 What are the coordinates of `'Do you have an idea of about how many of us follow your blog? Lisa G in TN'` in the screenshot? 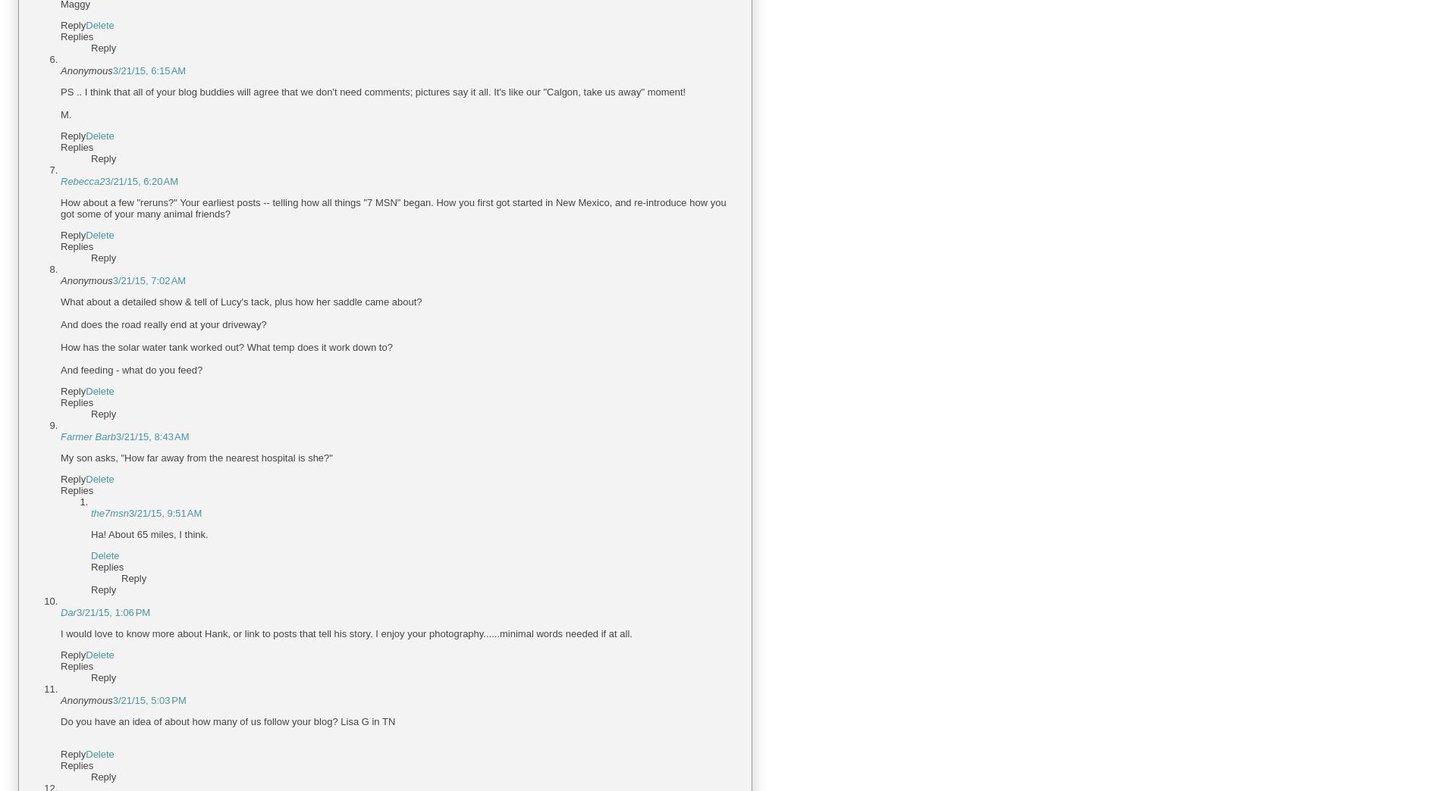 It's located at (59, 721).